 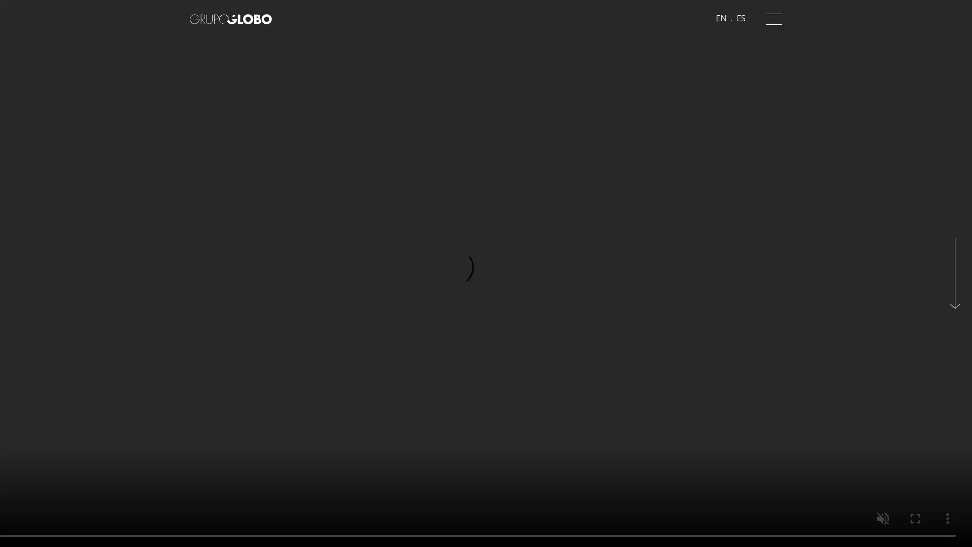 What do you see at coordinates (915, 518) in the screenshot?
I see `enter full screen` at bounding box center [915, 518].